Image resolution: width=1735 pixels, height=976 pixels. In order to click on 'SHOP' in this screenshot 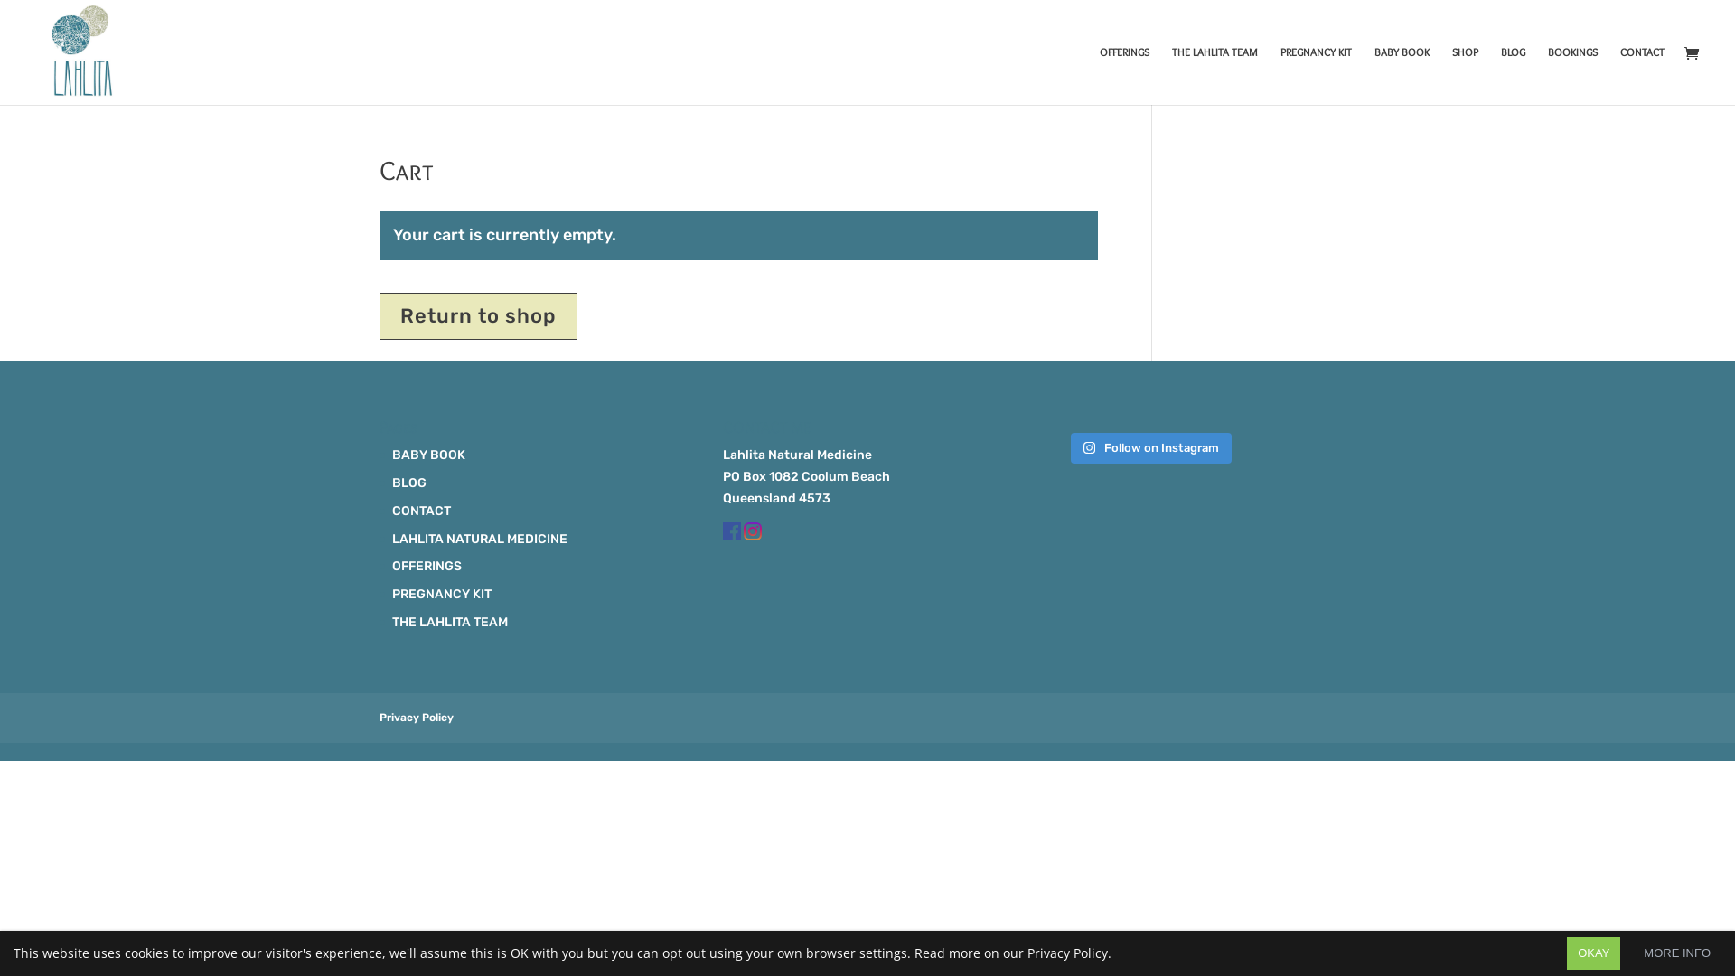, I will do `click(1465, 74)`.